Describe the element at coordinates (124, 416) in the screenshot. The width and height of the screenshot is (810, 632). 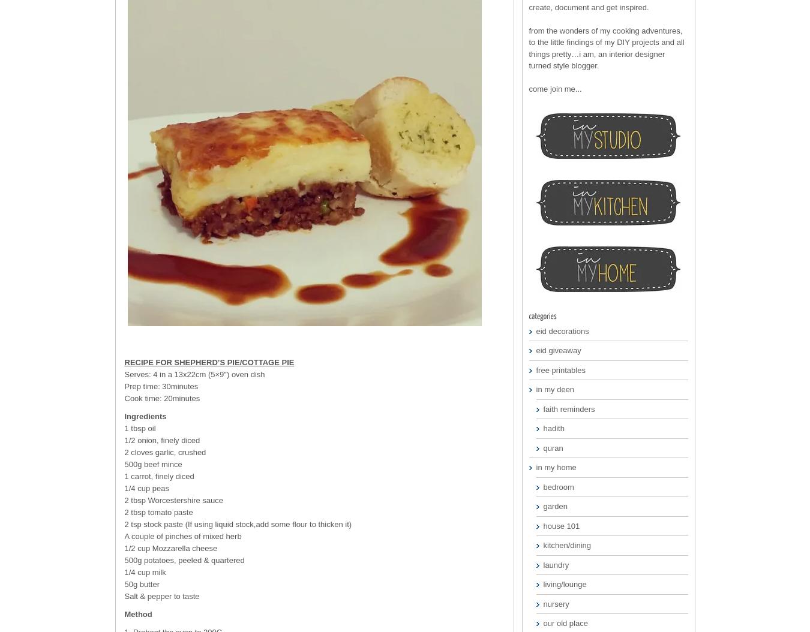
I see `'Ingredients'` at that location.